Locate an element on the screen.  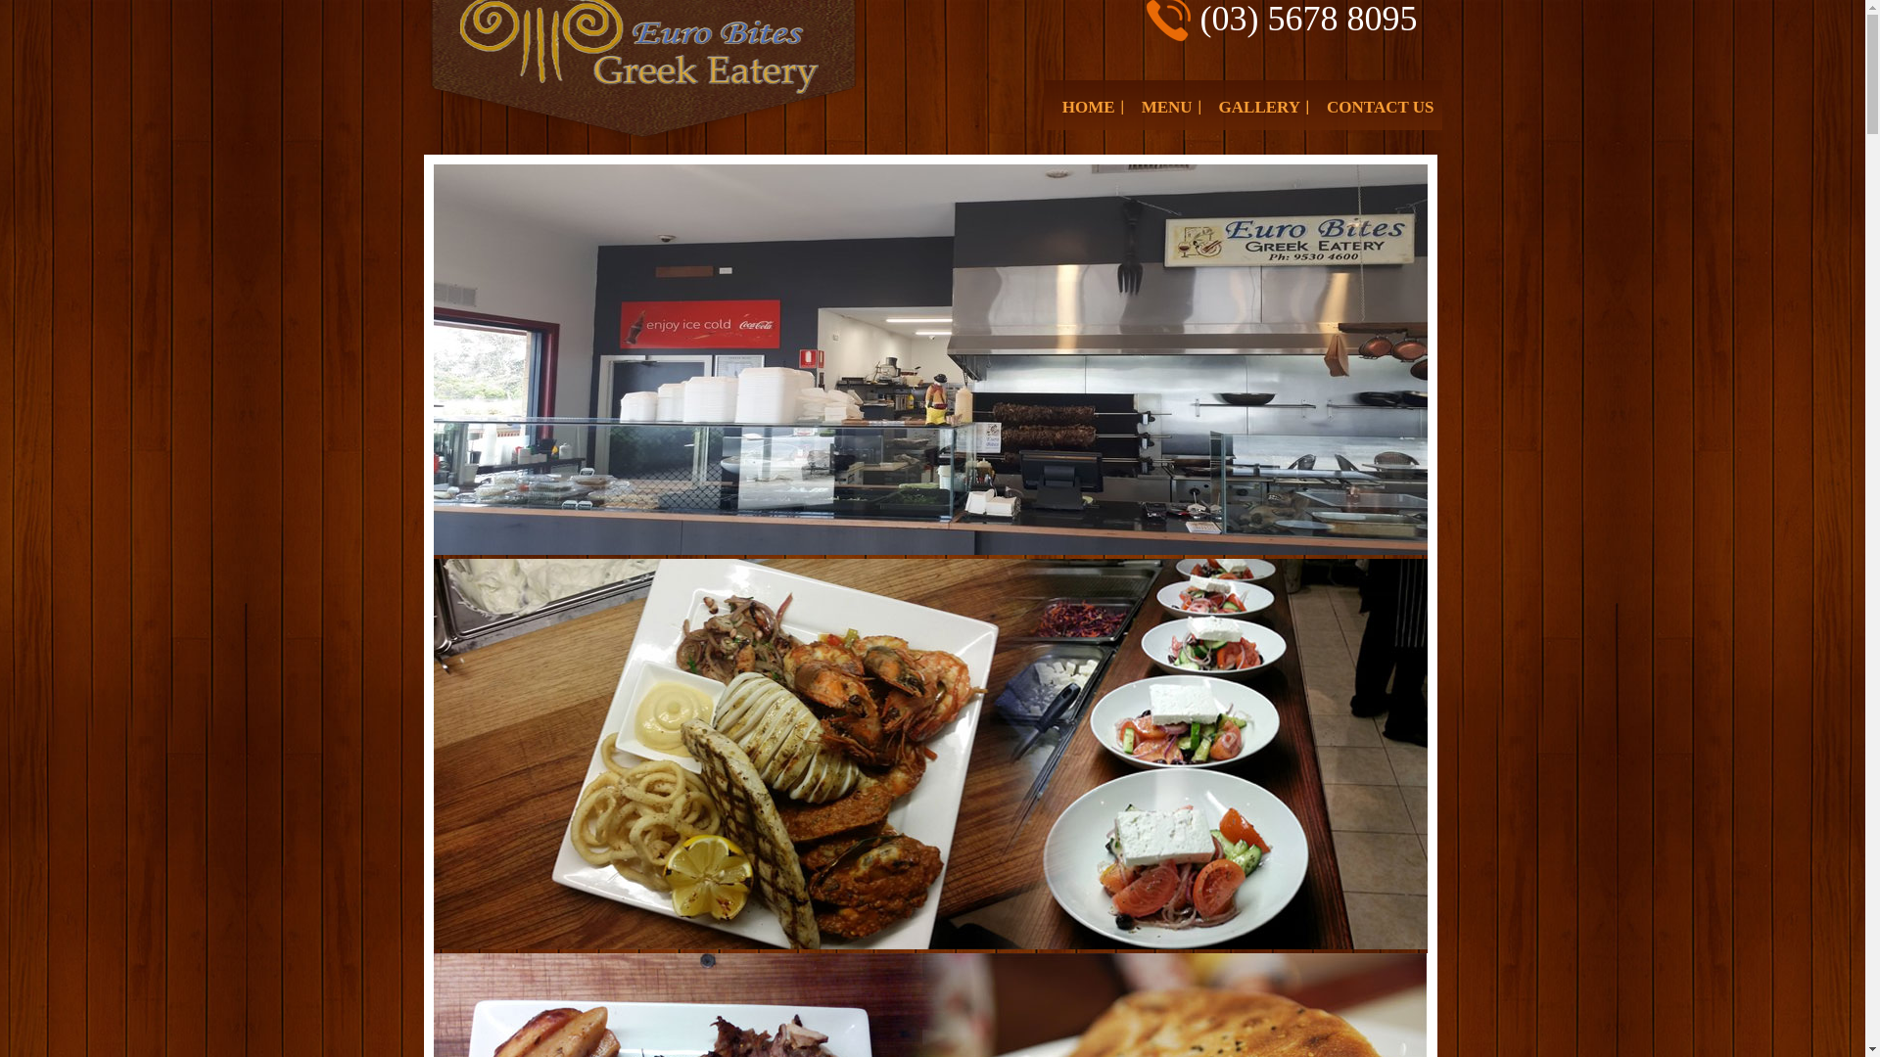
'GALLERY' is located at coordinates (1259, 107).